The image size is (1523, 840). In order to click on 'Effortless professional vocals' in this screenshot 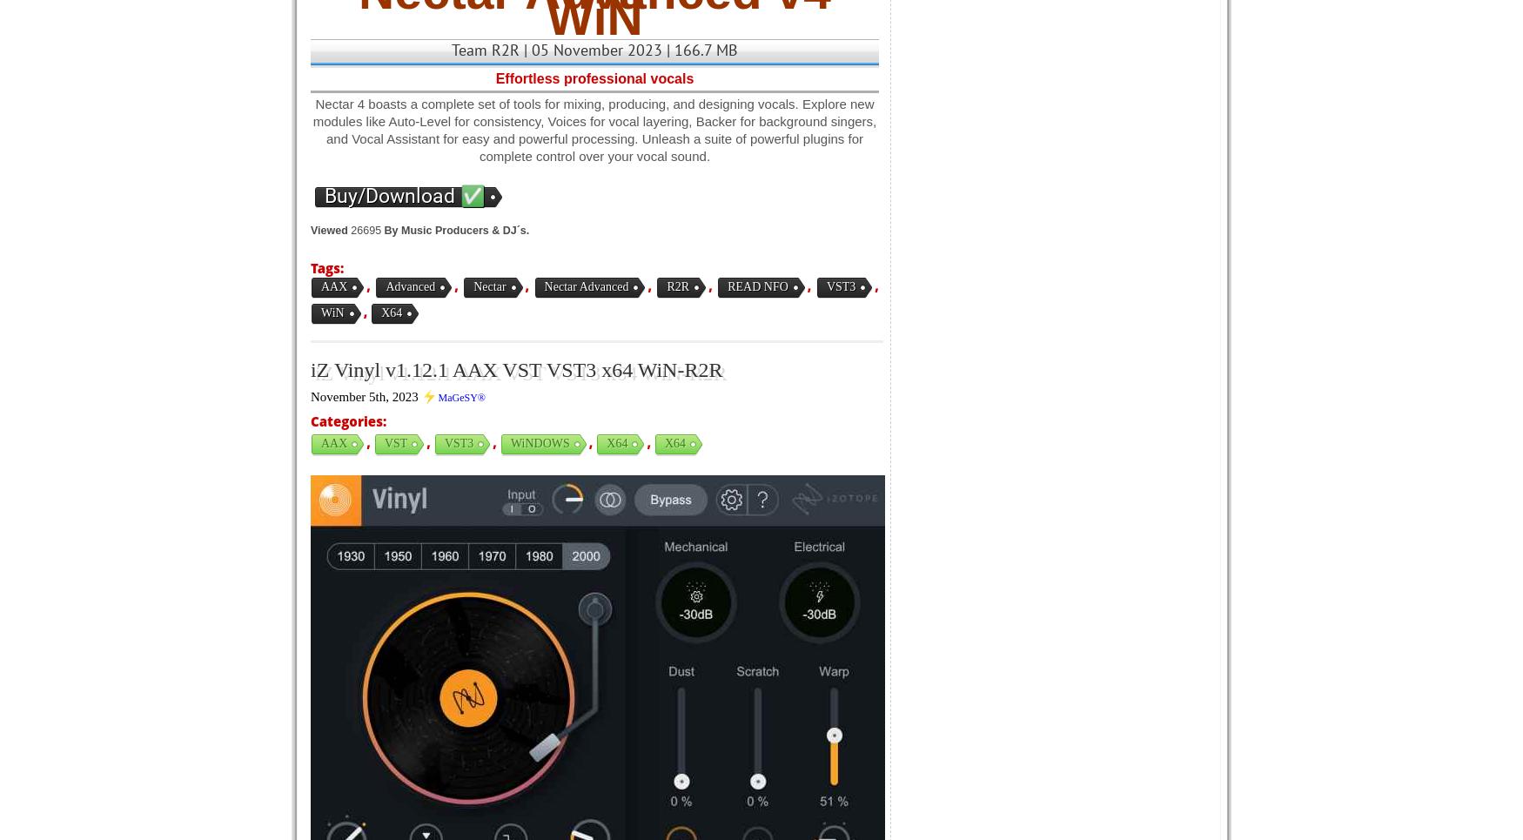, I will do `click(494, 77)`.